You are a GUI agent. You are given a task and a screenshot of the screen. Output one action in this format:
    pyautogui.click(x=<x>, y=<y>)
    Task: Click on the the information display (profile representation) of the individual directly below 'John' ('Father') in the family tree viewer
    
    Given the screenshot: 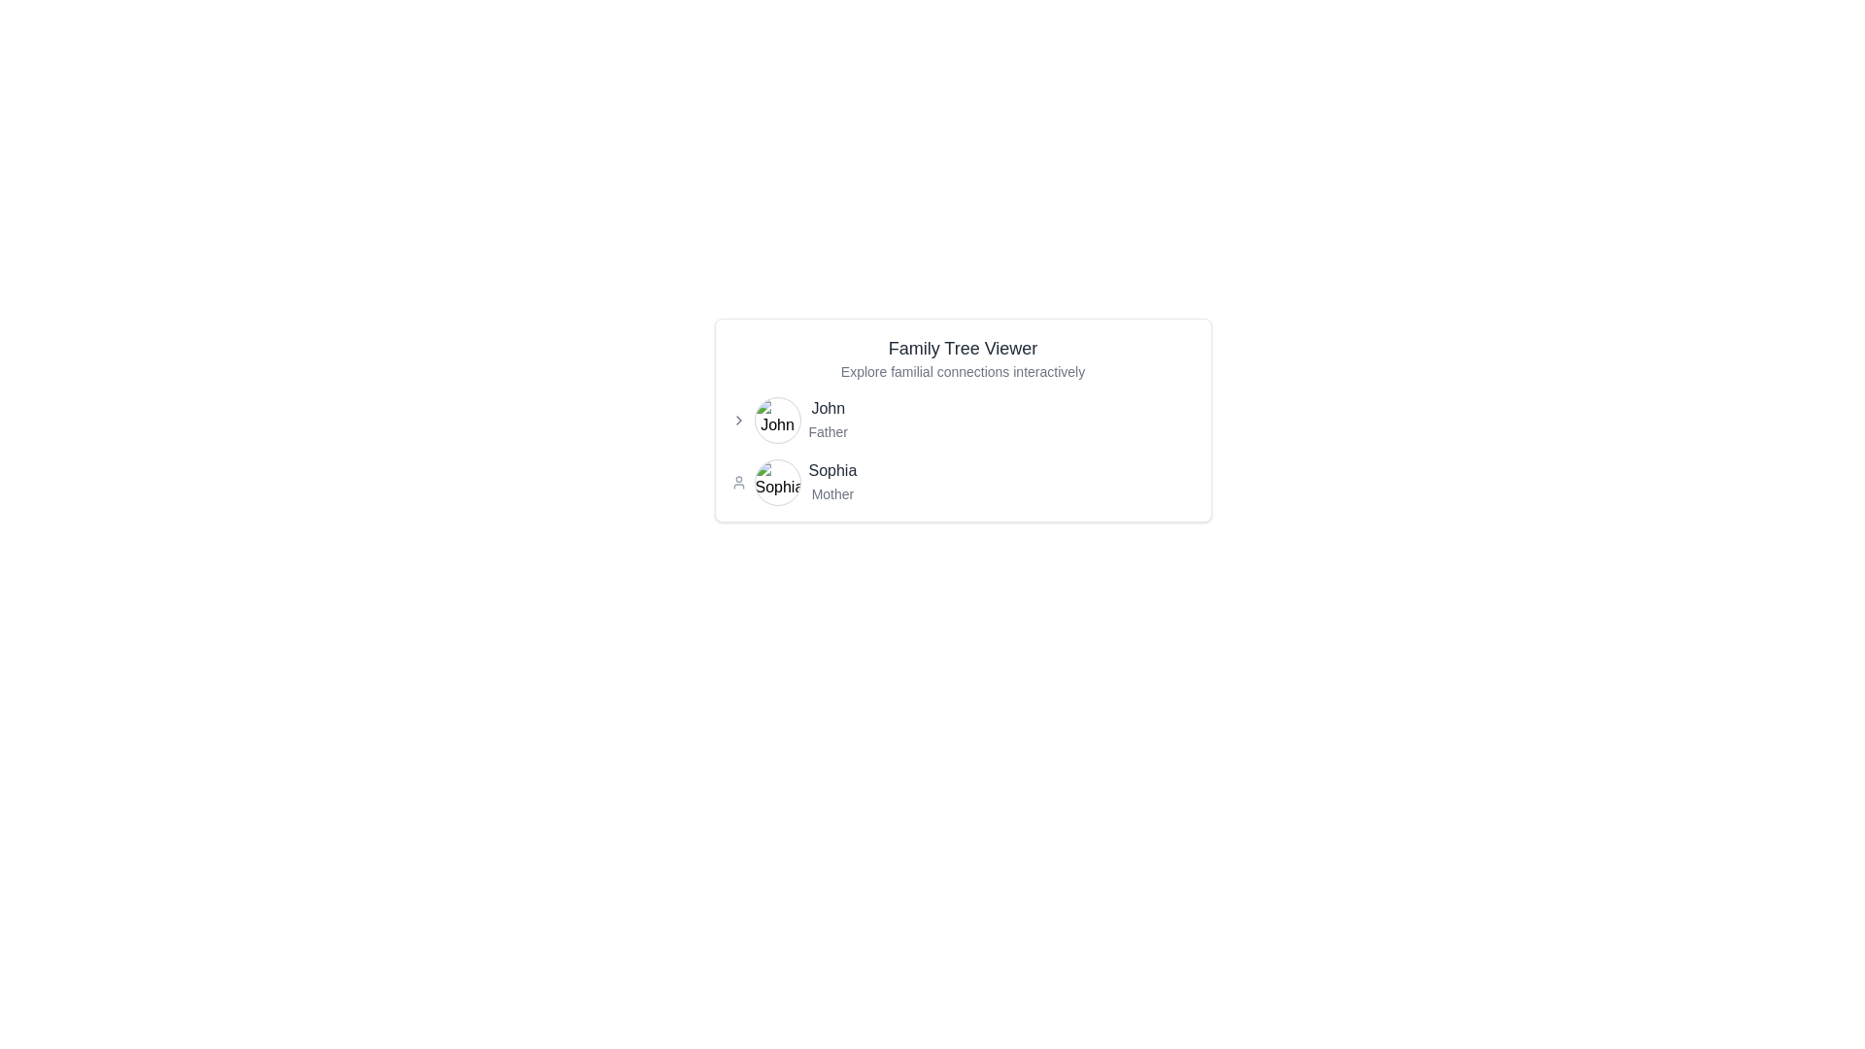 What is the action you would take?
    pyautogui.click(x=963, y=482)
    